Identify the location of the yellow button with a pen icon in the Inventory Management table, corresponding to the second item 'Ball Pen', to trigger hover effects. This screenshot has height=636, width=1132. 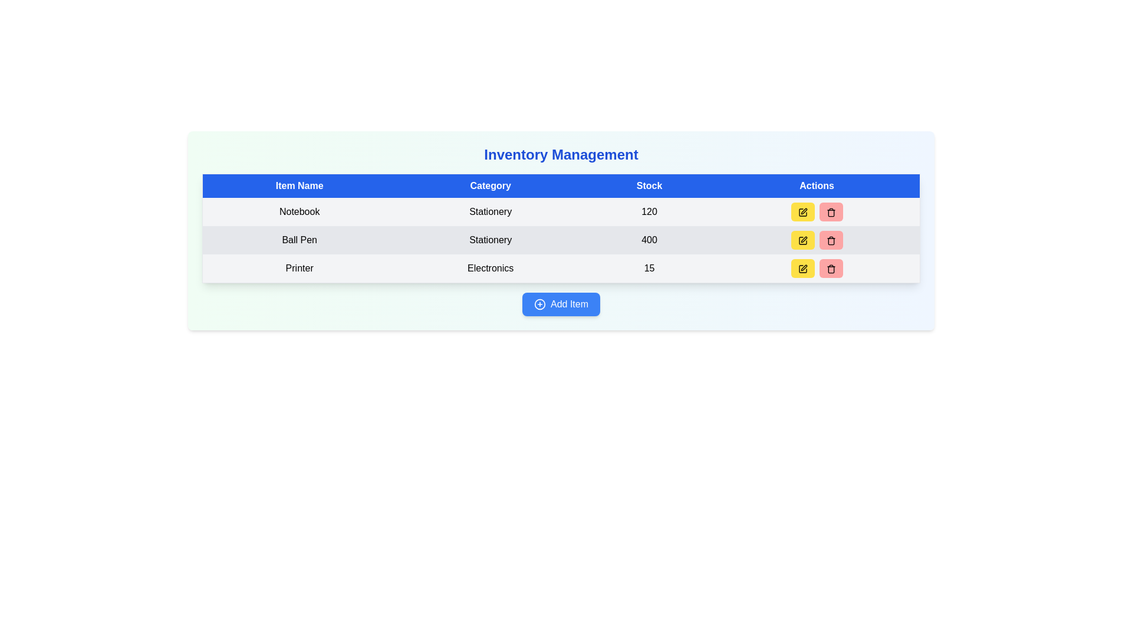
(802, 240).